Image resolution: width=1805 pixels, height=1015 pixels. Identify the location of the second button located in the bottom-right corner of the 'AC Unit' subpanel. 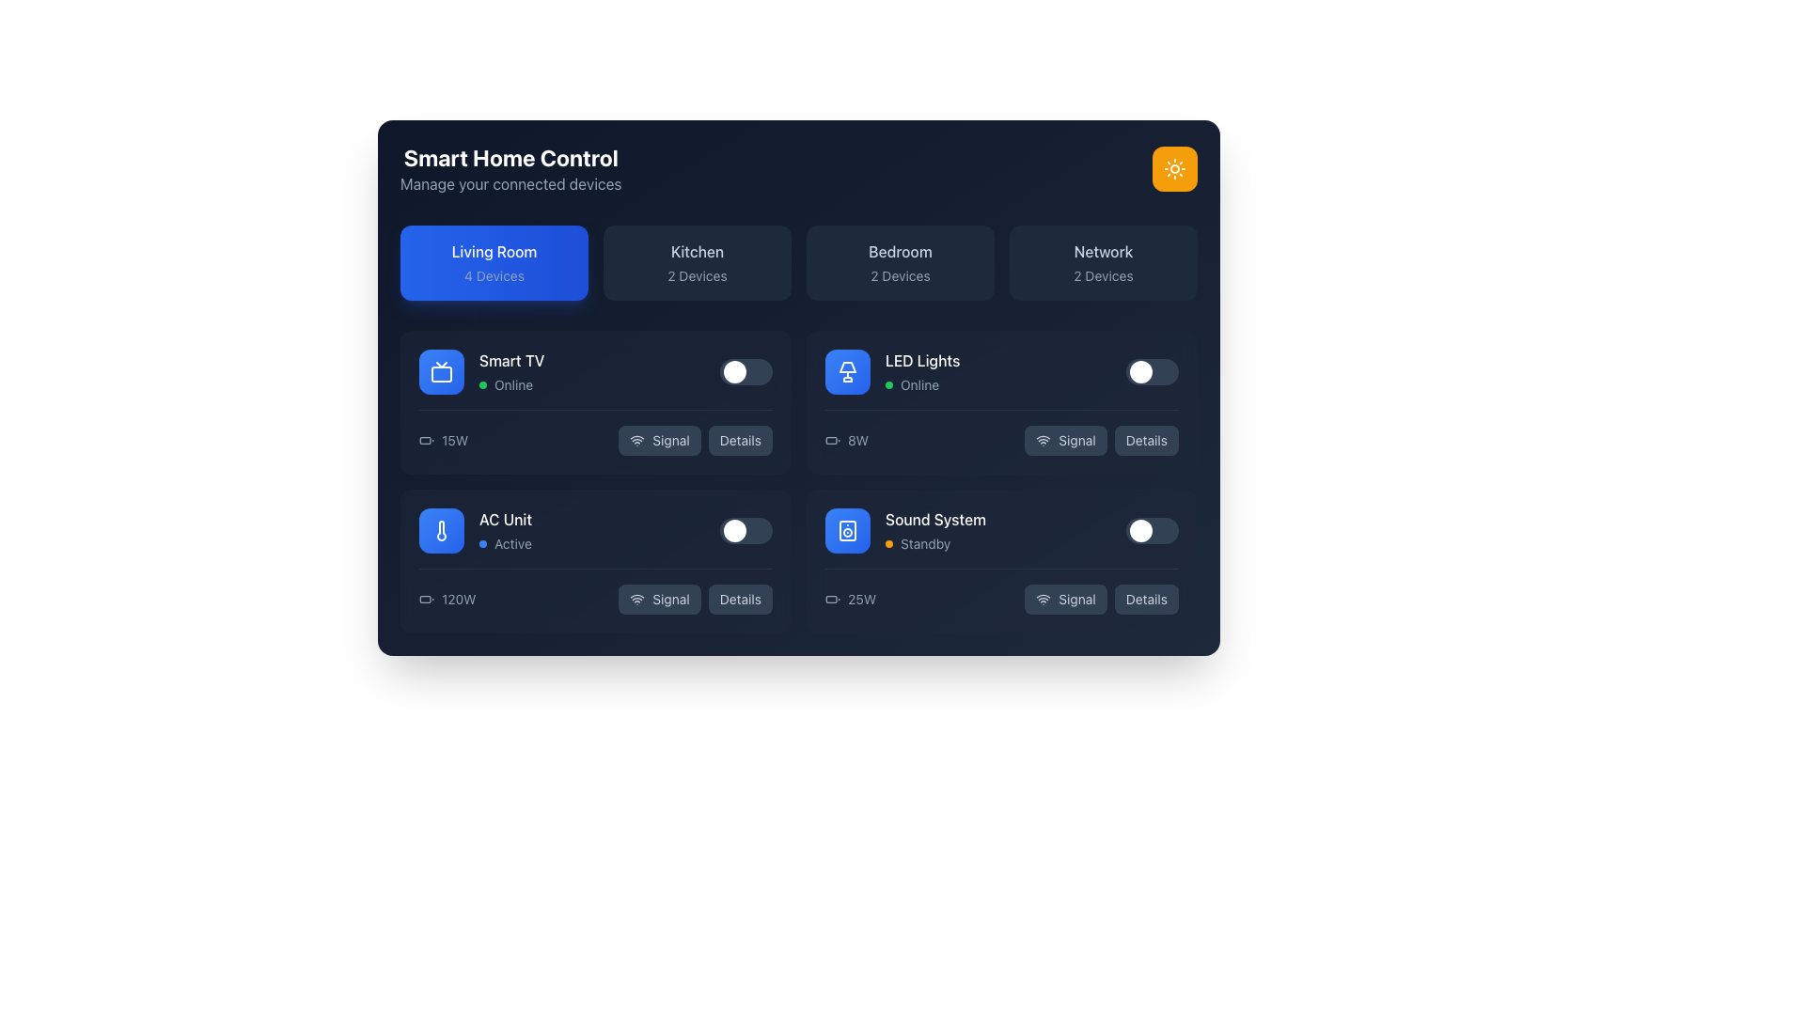
(739, 599).